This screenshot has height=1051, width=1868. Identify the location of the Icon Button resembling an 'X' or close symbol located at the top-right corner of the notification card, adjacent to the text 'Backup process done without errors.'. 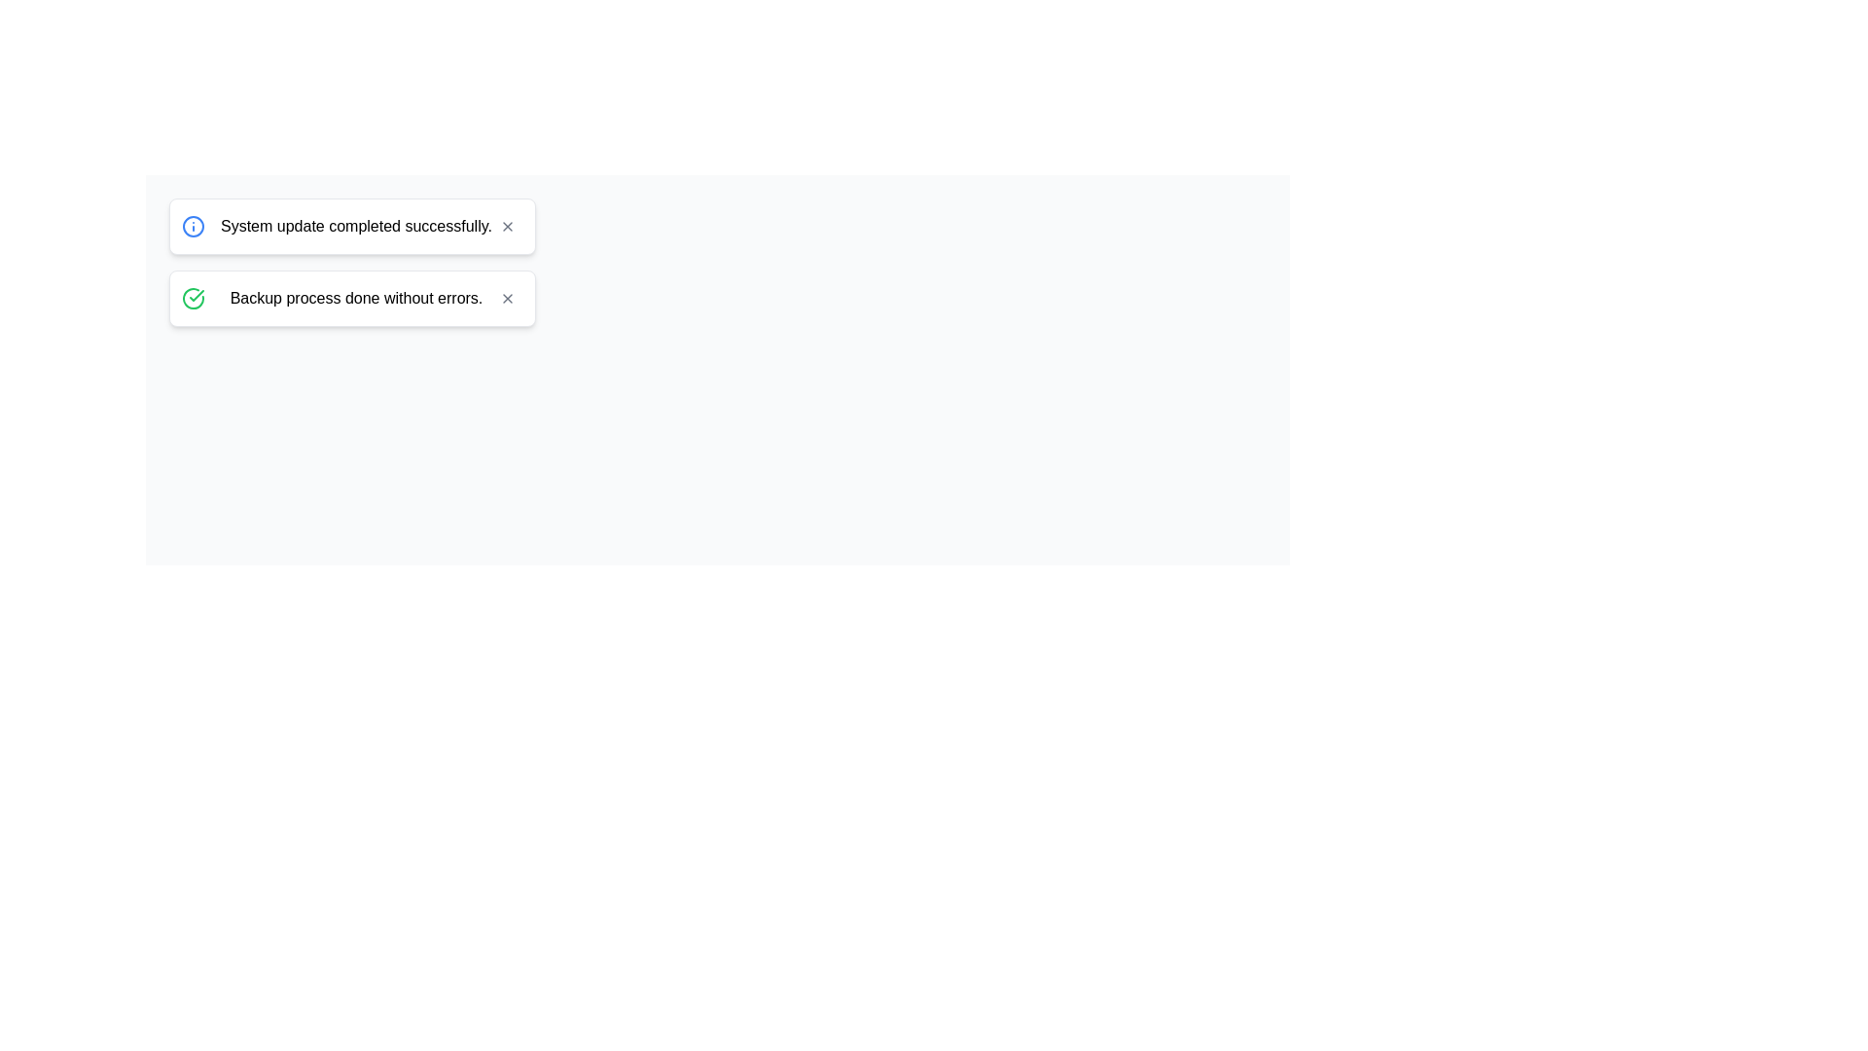
(507, 299).